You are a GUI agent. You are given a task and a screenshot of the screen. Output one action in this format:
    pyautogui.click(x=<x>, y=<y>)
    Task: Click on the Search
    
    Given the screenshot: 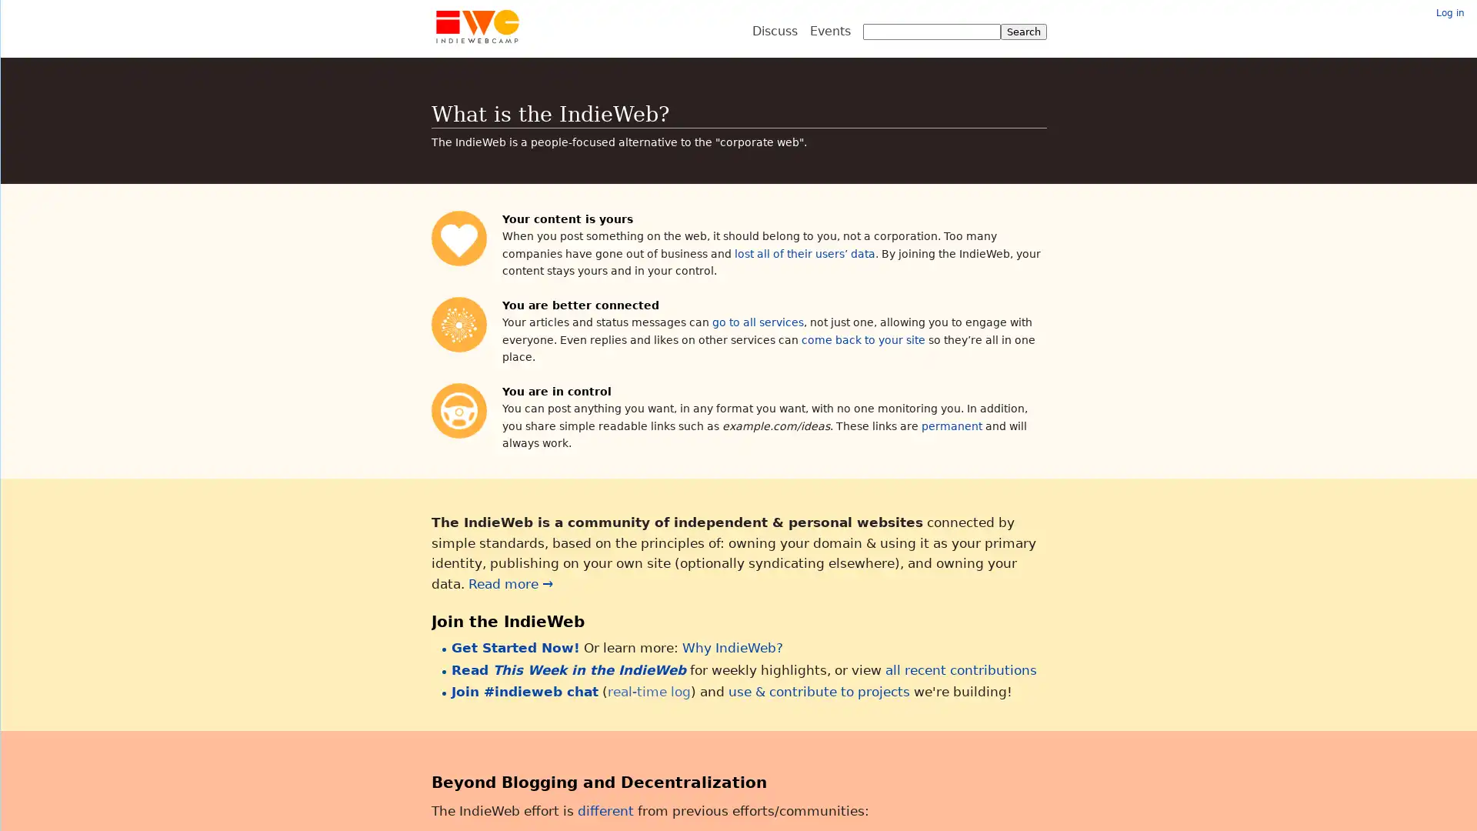 What is the action you would take?
    pyautogui.click(x=1022, y=32)
    